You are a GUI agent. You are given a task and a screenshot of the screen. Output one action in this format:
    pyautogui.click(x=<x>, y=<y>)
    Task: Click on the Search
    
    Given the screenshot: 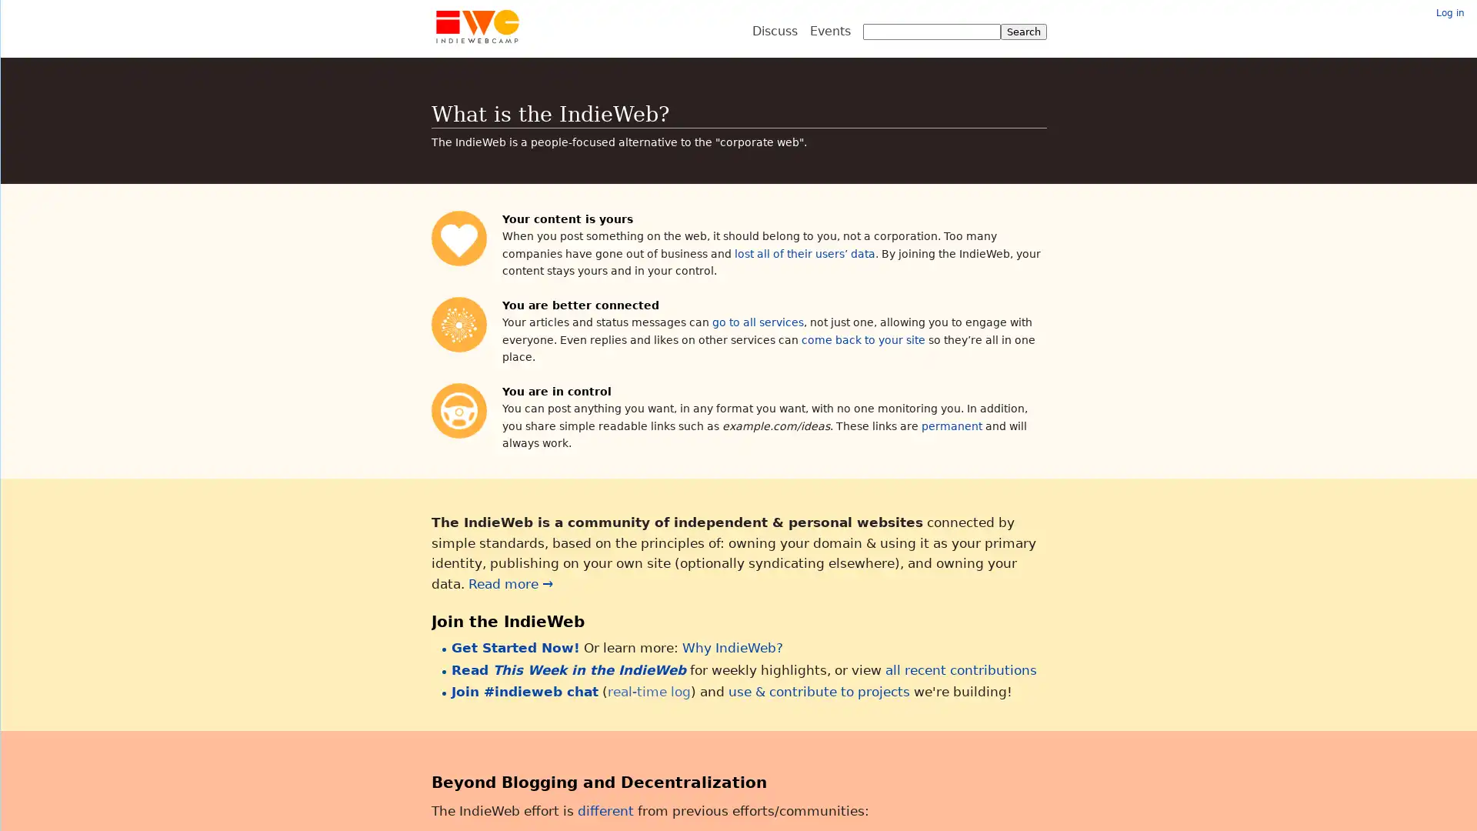 What is the action you would take?
    pyautogui.click(x=1022, y=32)
    